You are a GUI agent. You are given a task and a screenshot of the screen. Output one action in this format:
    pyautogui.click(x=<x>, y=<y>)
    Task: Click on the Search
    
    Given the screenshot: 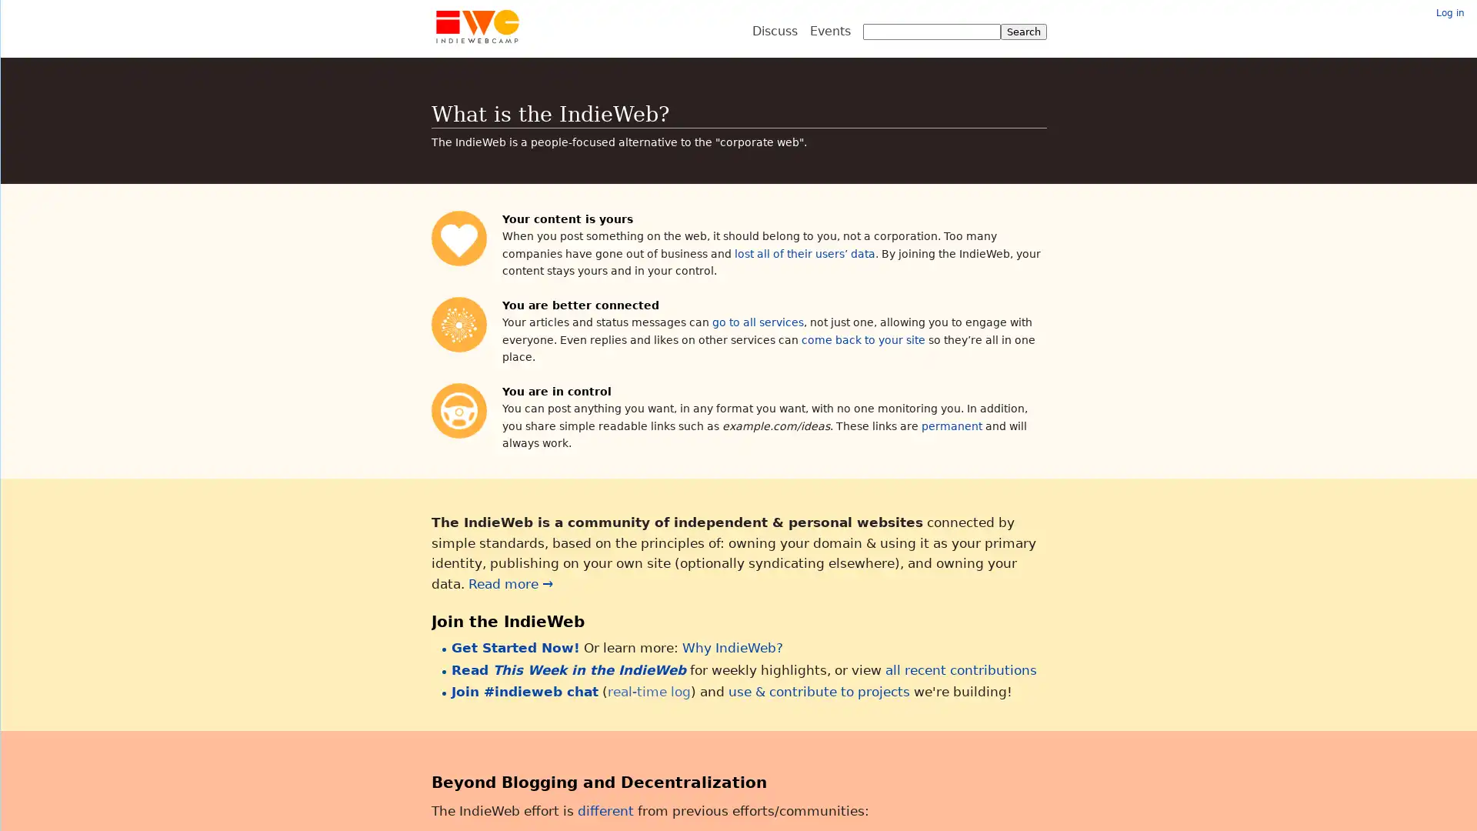 What is the action you would take?
    pyautogui.click(x=1022, y=32)
    